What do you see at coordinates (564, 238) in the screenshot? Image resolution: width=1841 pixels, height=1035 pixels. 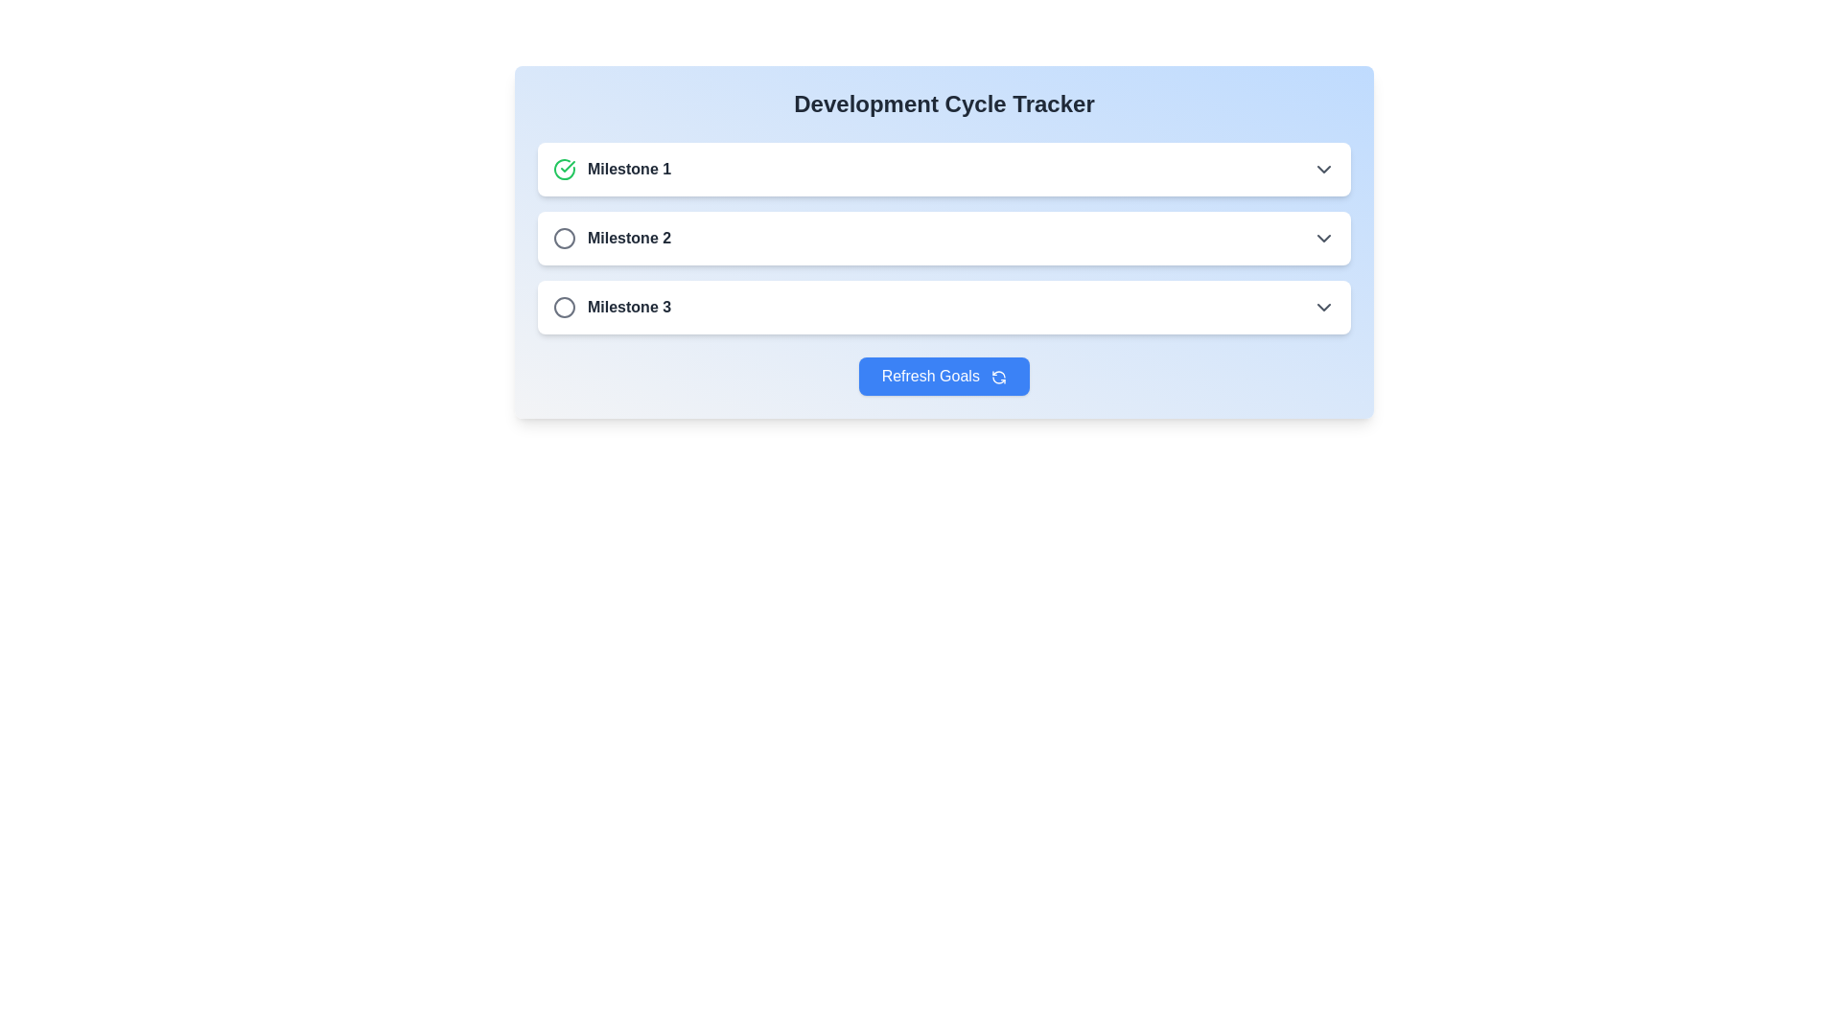 I see `the circular icon with a red border and a white interior located next to the text 'Milestone 2'` at bounding box center [564, 238].